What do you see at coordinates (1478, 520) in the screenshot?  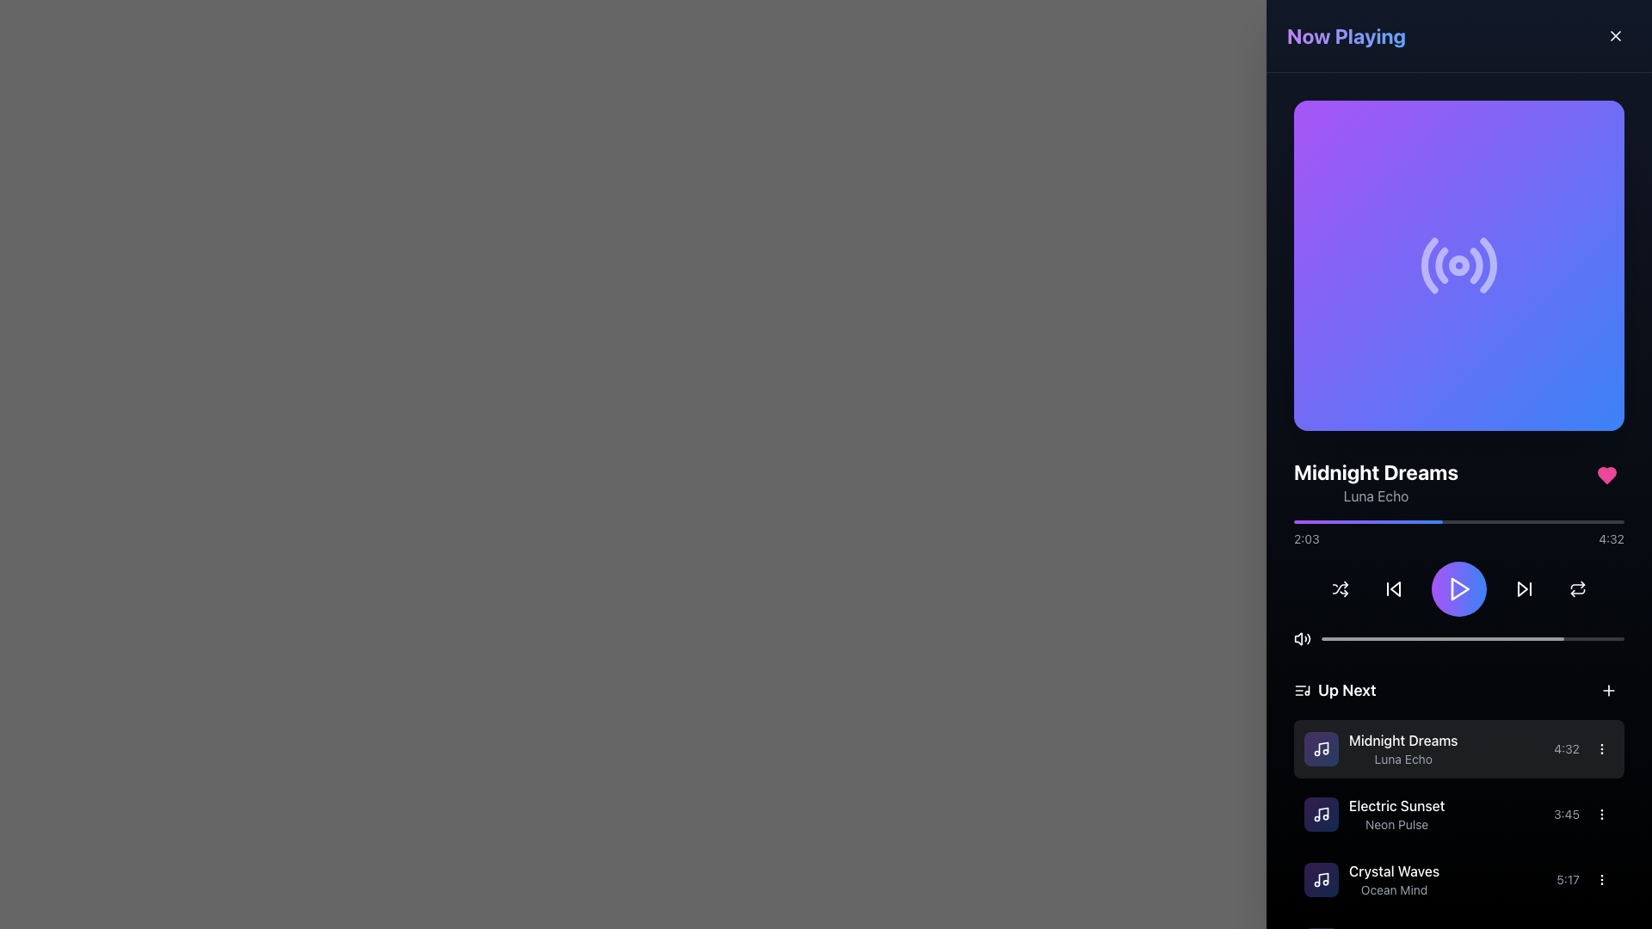 I see `the playback position` at bounding box center [1478, 520].